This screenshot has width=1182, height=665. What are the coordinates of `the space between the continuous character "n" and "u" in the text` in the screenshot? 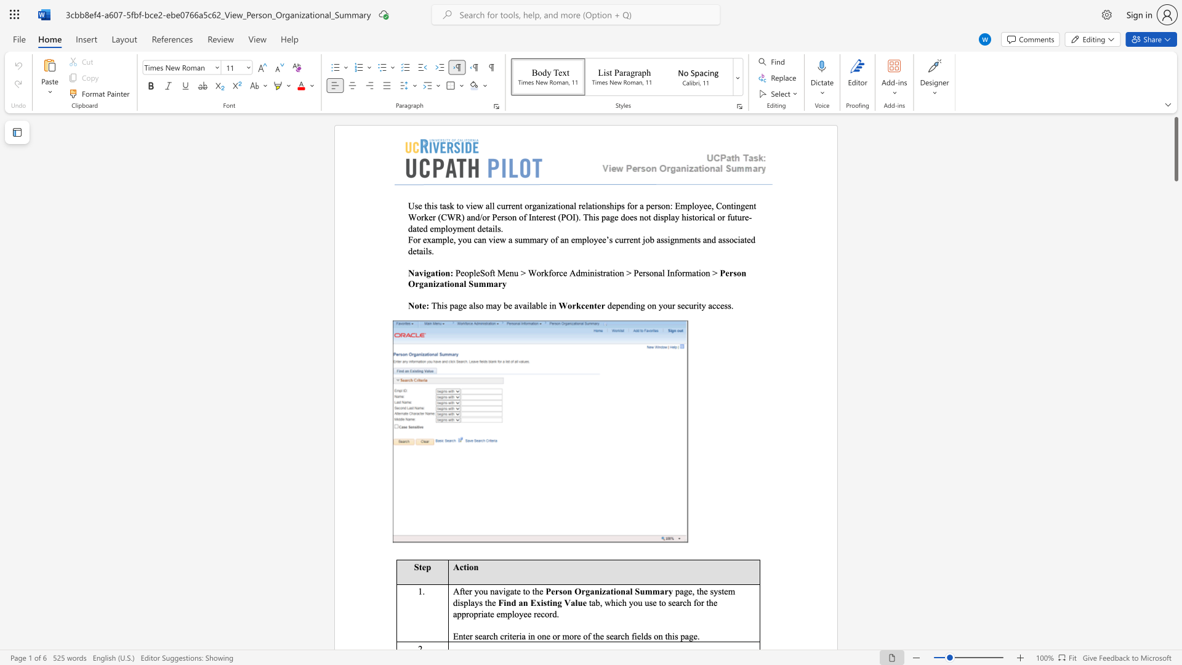 It's located at (513, 272).